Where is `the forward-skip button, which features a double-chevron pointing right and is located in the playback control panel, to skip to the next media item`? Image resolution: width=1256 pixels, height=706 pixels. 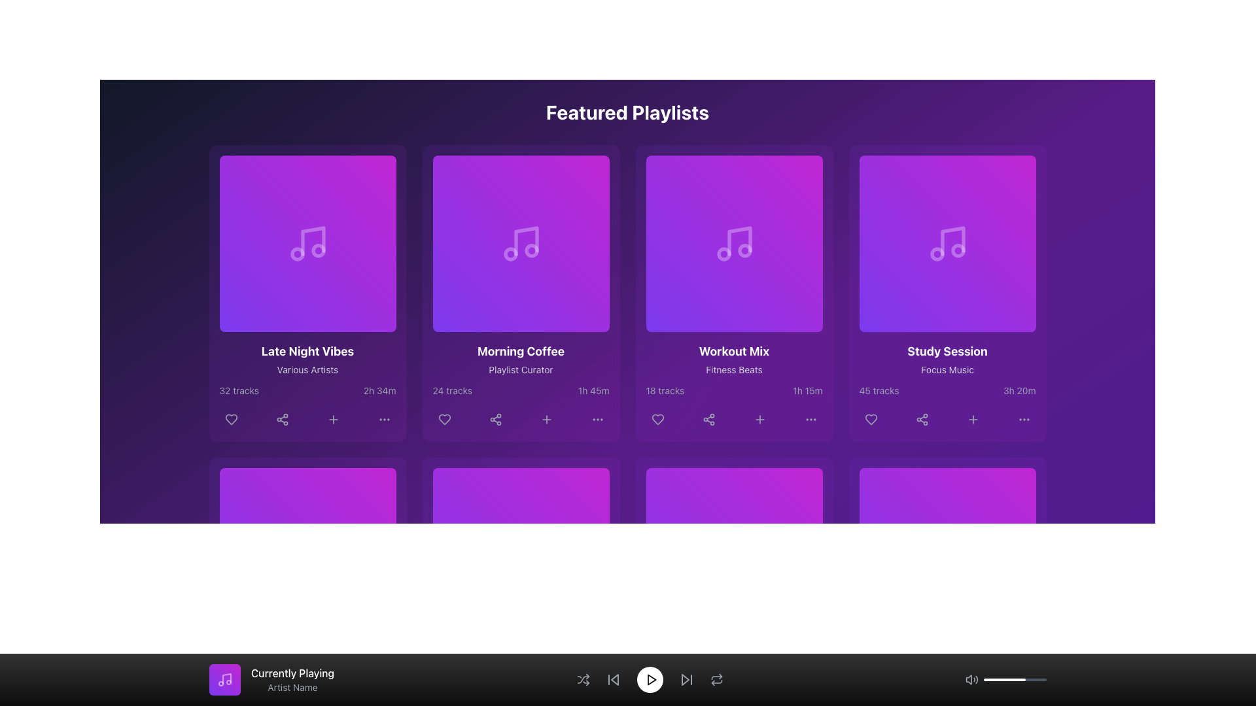 the forward-skip button, which features a double-chevron pointing right and is located in the playback control panel, to skip to the next media item is located at coordinates (686, 679).